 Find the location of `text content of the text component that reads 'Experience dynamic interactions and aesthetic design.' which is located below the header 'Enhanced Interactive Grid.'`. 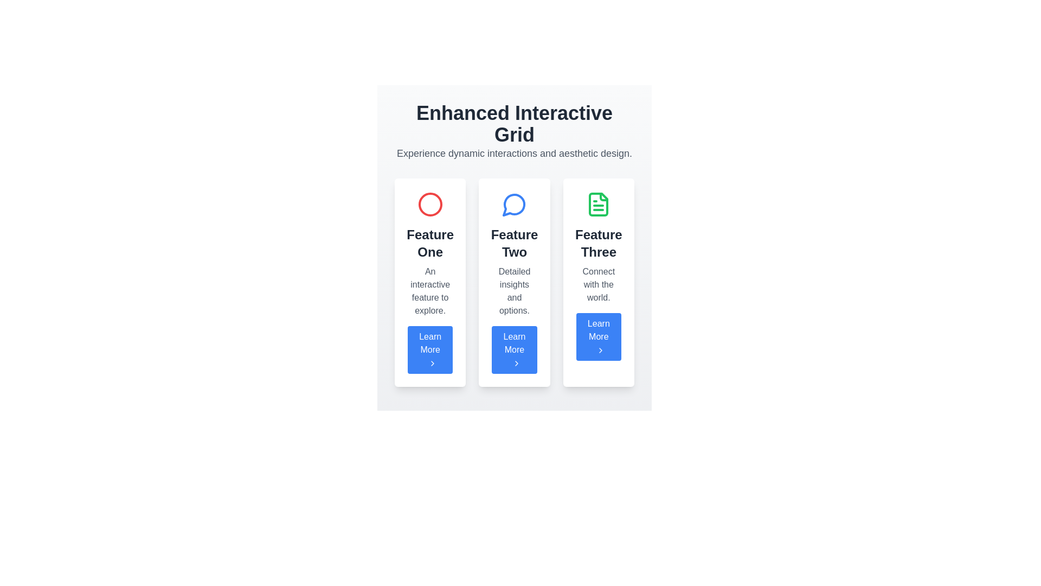

text content of the text component that reads 'Experience dynamic interactions and aesthetic design.' which is located below the header 'Enhanced Interactive Grid.' is located at coordinates (514, 153).